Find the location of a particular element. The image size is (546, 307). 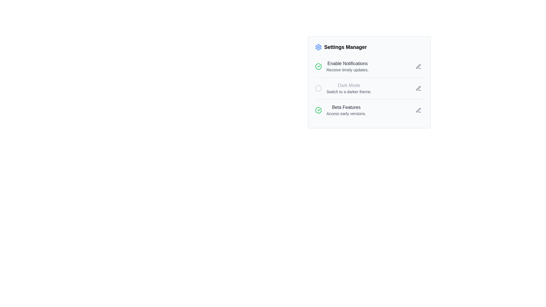

the Text Display element that provides information about the availability of beta features, located in the 'Settings Manager' panel as the third entry below 'Dark Mode' is located at coordinates (346, 110).